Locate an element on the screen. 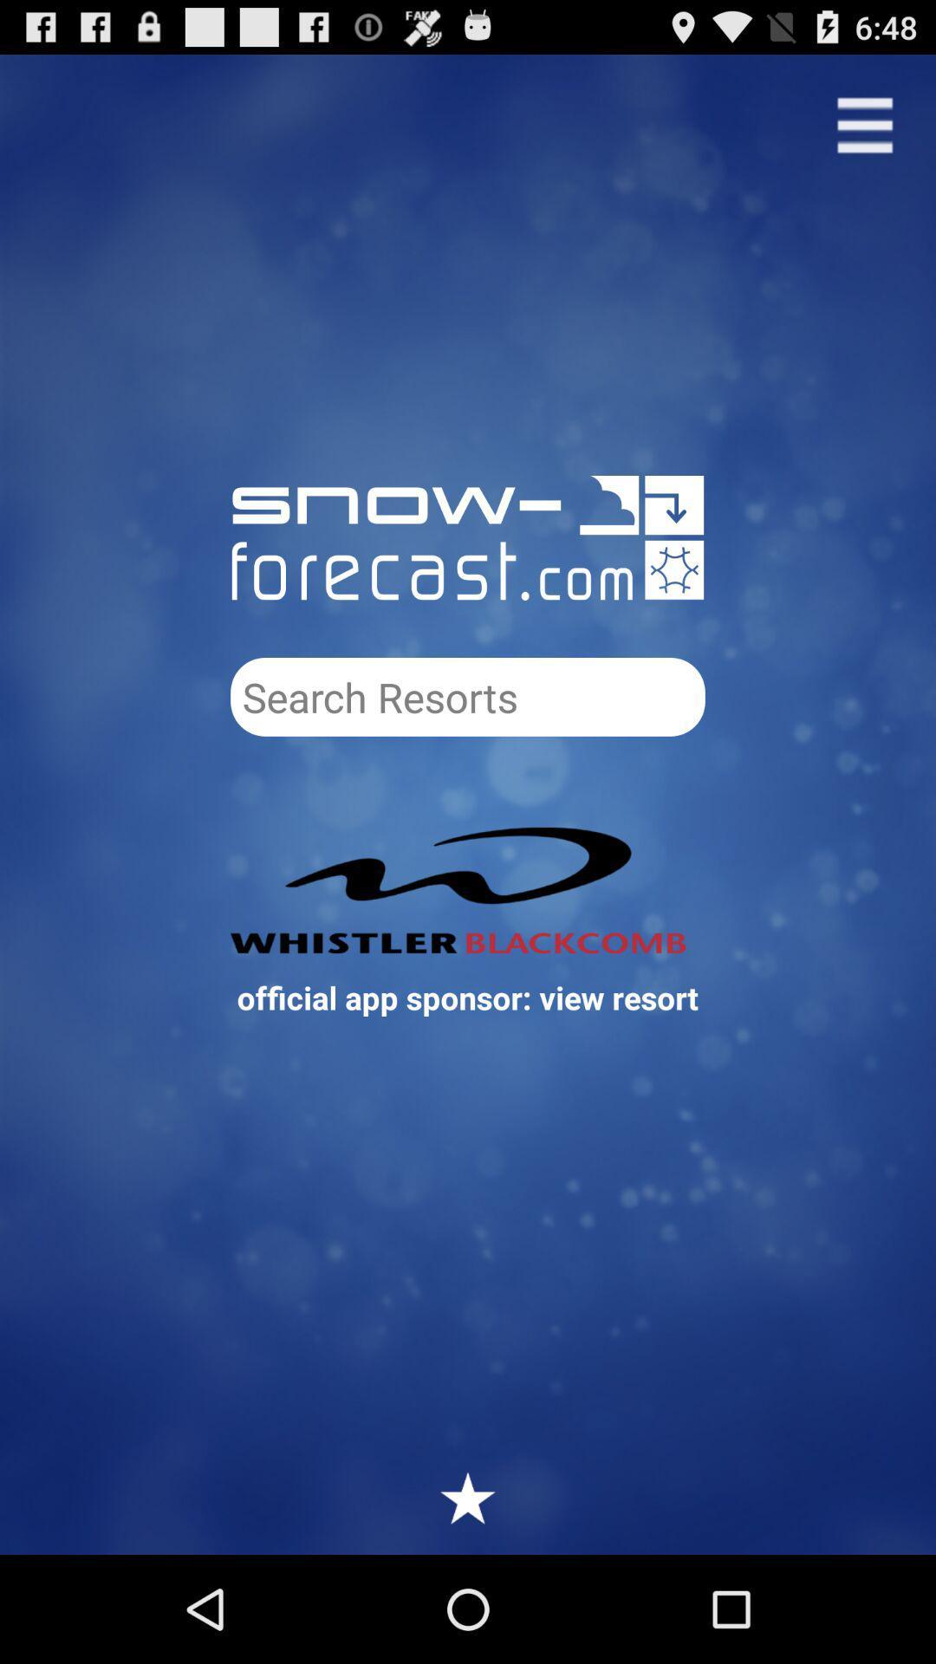 The width and height of the screenshot is (936, 1664). search resorts is located at coordinates (468, 697).